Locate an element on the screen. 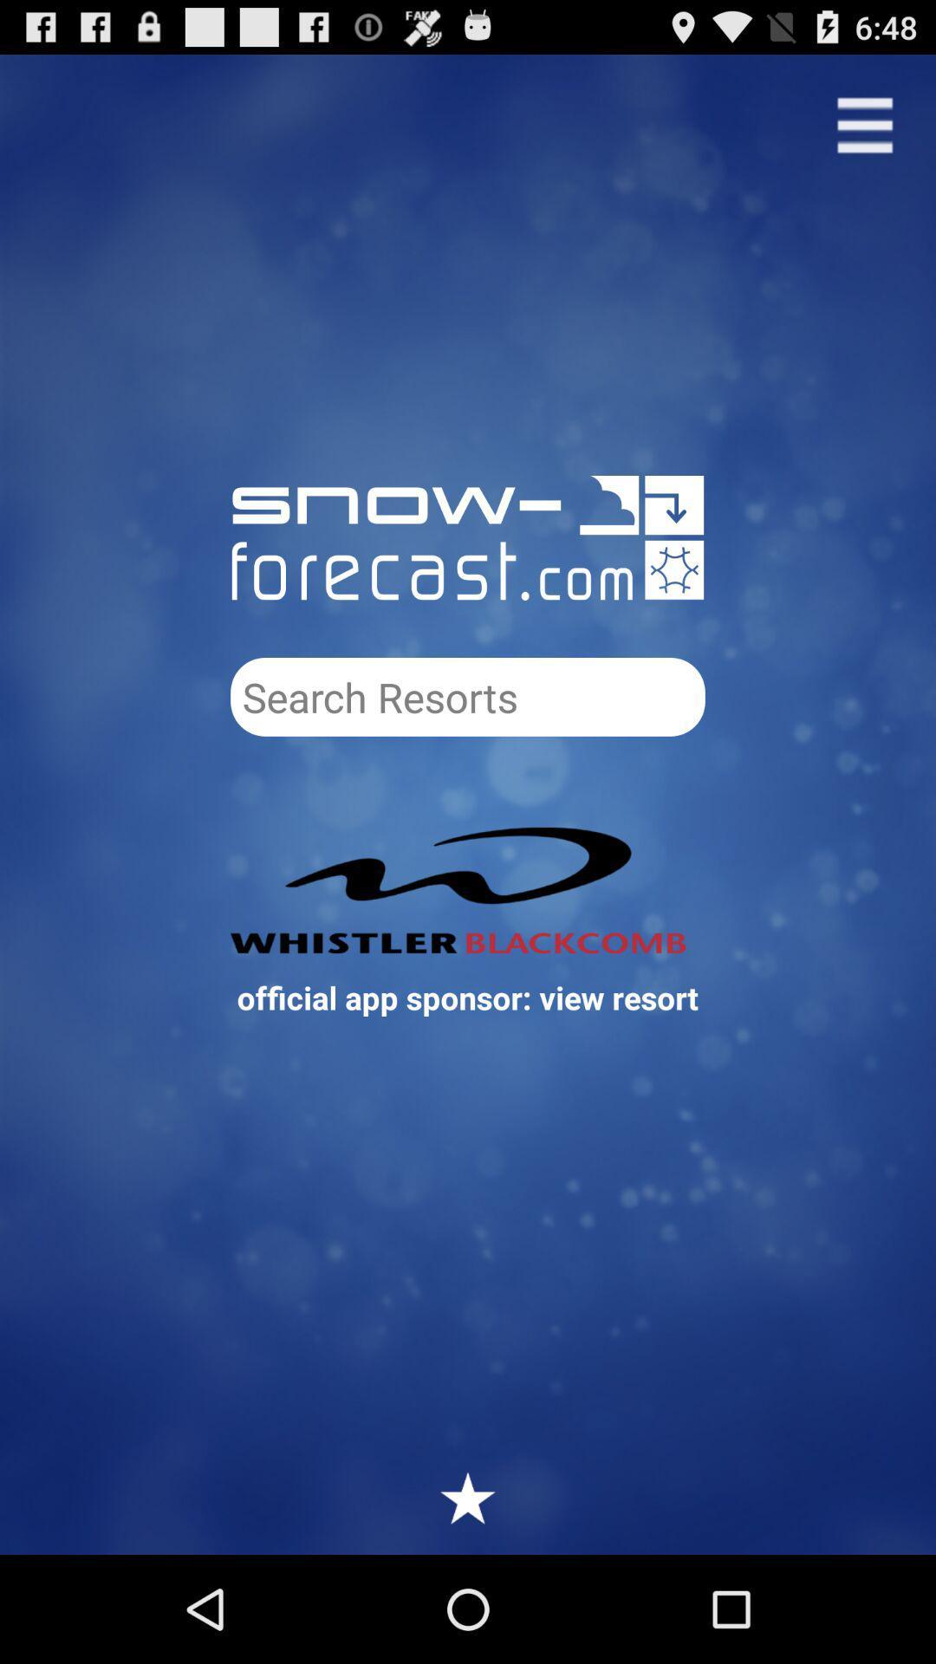 The width and height of the screenshot is (936, 1664). search resorts is located at coordinates (468, 697).